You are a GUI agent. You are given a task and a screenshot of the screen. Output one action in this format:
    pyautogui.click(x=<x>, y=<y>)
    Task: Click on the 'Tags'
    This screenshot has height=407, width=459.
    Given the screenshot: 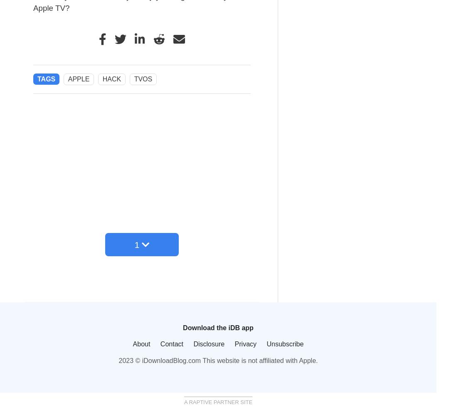 What is the action you would take?
    pyautogui.click(x=46, y=79)
    